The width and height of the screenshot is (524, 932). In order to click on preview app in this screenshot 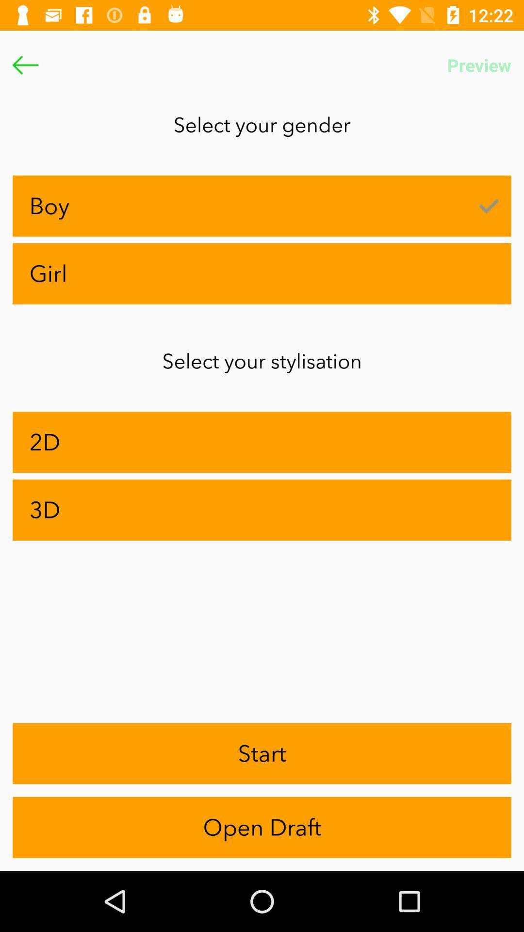, I will do `click(478, 65)`.